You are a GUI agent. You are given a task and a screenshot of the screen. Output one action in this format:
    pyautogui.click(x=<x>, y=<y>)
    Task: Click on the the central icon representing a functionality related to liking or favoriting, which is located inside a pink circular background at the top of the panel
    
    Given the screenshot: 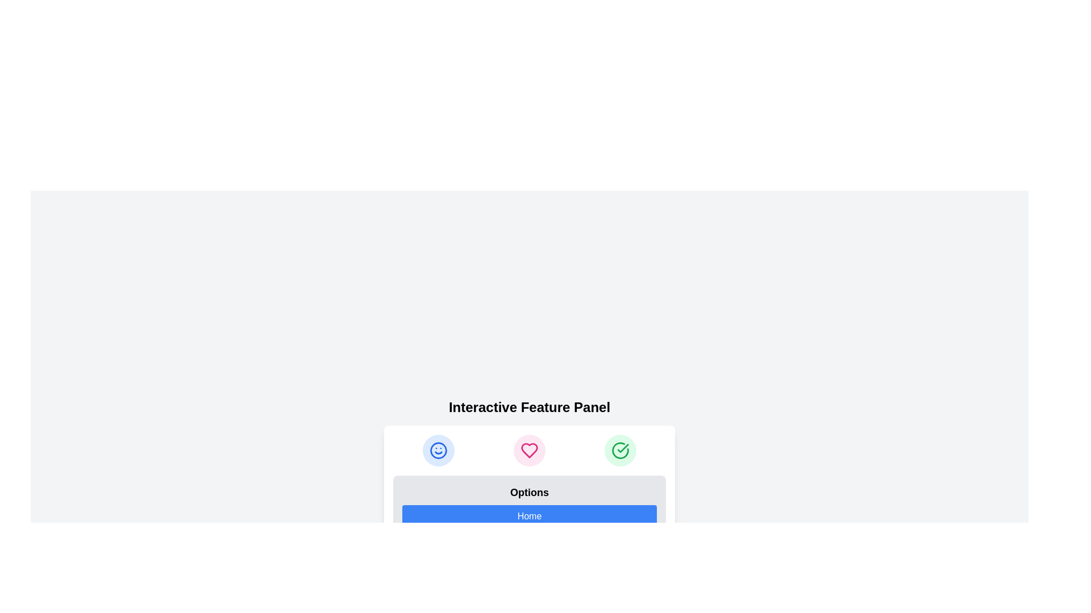 What is the action you would take?
    pyautogui.click(x=528, y=450)
    